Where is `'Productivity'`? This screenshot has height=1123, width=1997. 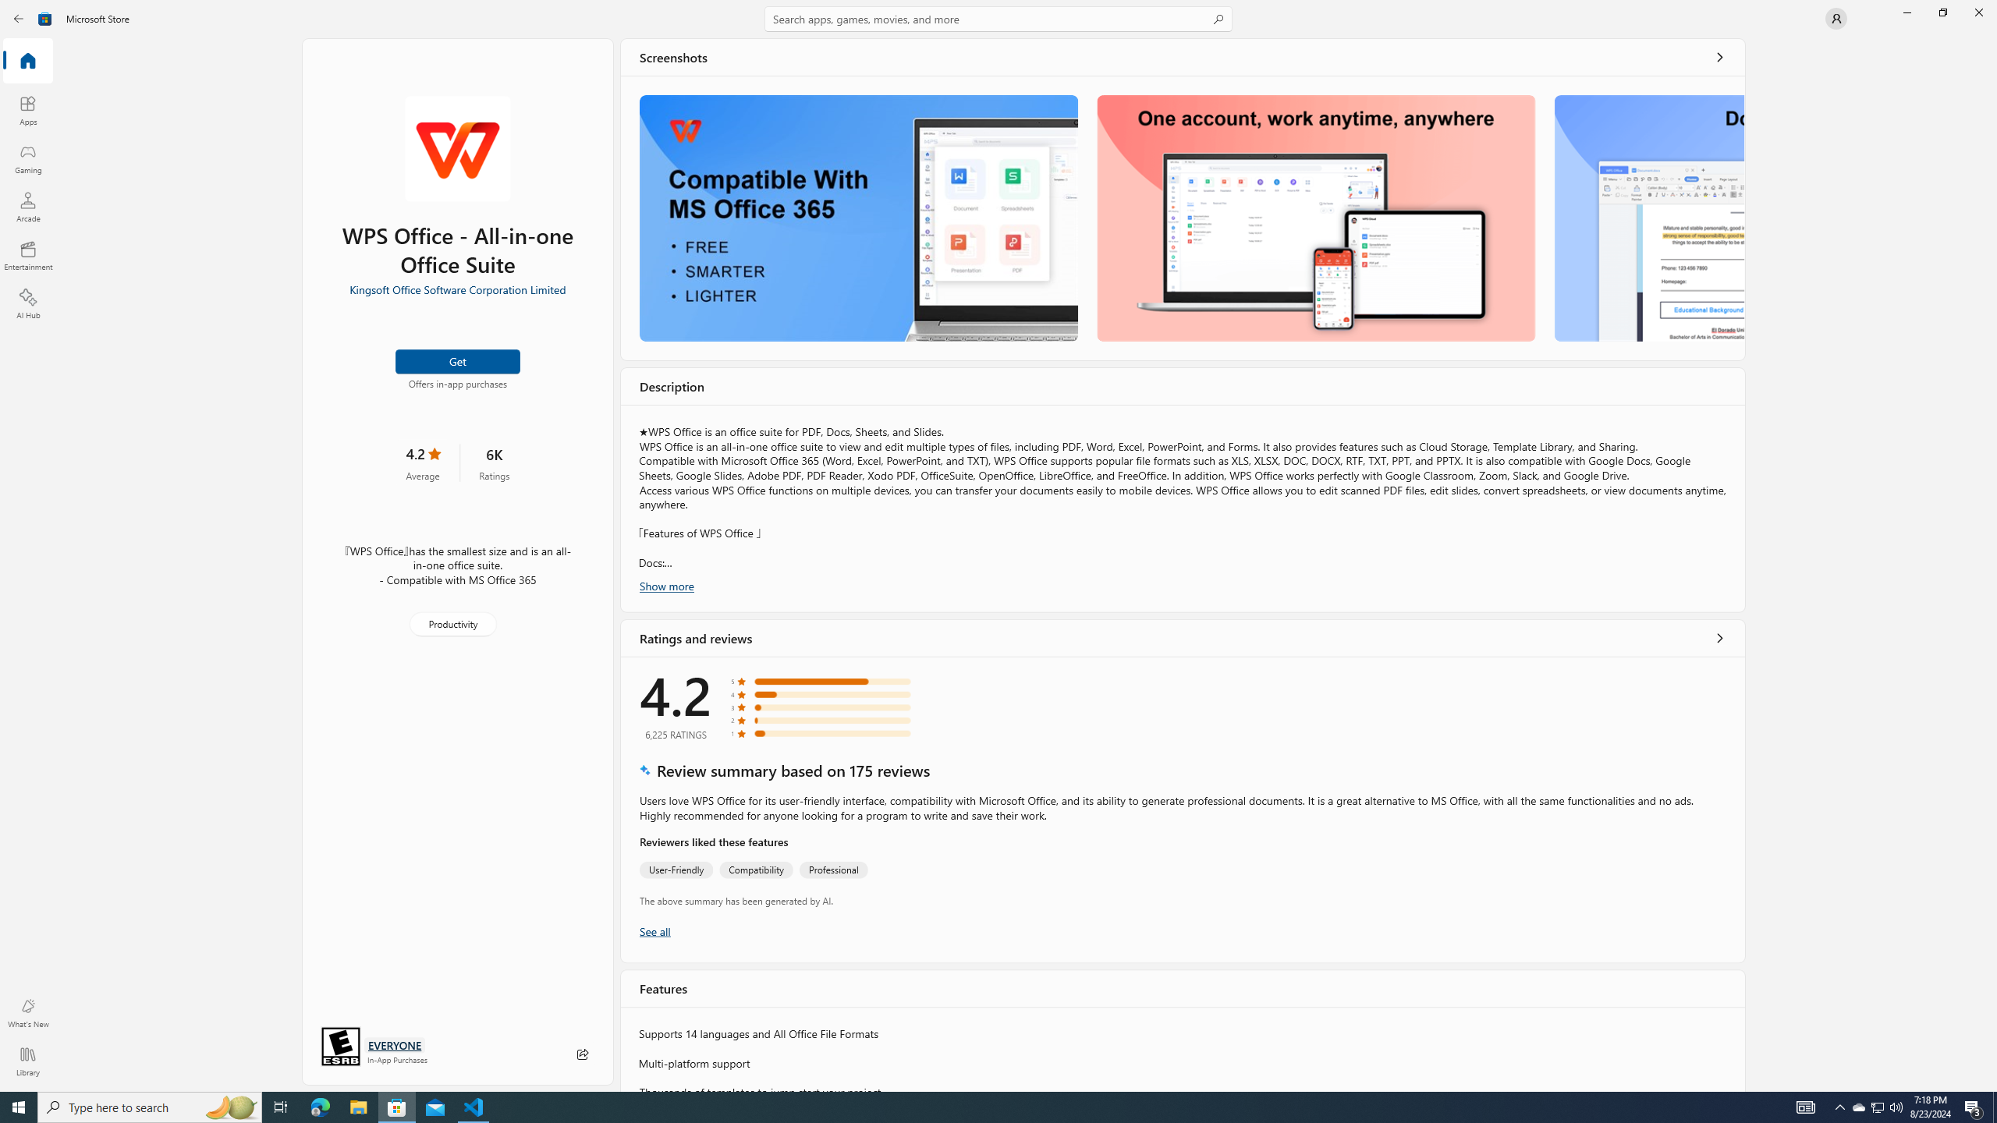
'Productivity' is located at coordinates (451, 622).